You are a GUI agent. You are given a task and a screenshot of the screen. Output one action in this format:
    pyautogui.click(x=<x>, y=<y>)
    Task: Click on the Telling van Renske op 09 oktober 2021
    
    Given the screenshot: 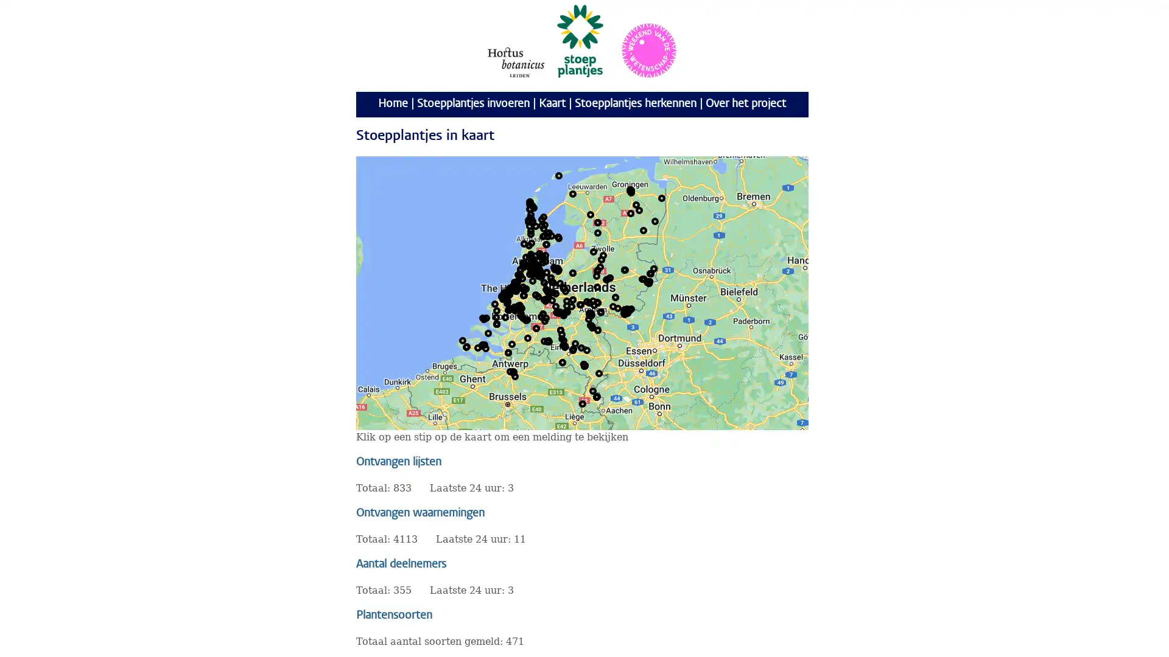 What is the action you would take?
    pyautogui.click(x=512, y=286)
    